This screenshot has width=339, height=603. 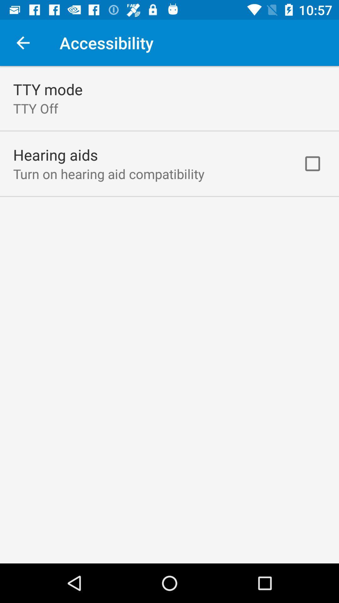 I want to click on tty off icon, so click(x=35, y=108).